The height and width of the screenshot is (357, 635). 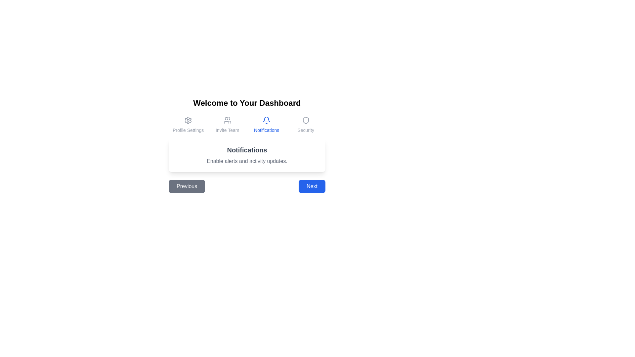 I want to click on the text label that indicates functionality for inviting team members, located below the icon resembling a group of people, so click(x=227, y=130).